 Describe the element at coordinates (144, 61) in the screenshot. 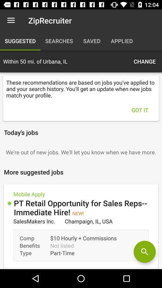

I see `item above the these recommendations are icon` at that location.